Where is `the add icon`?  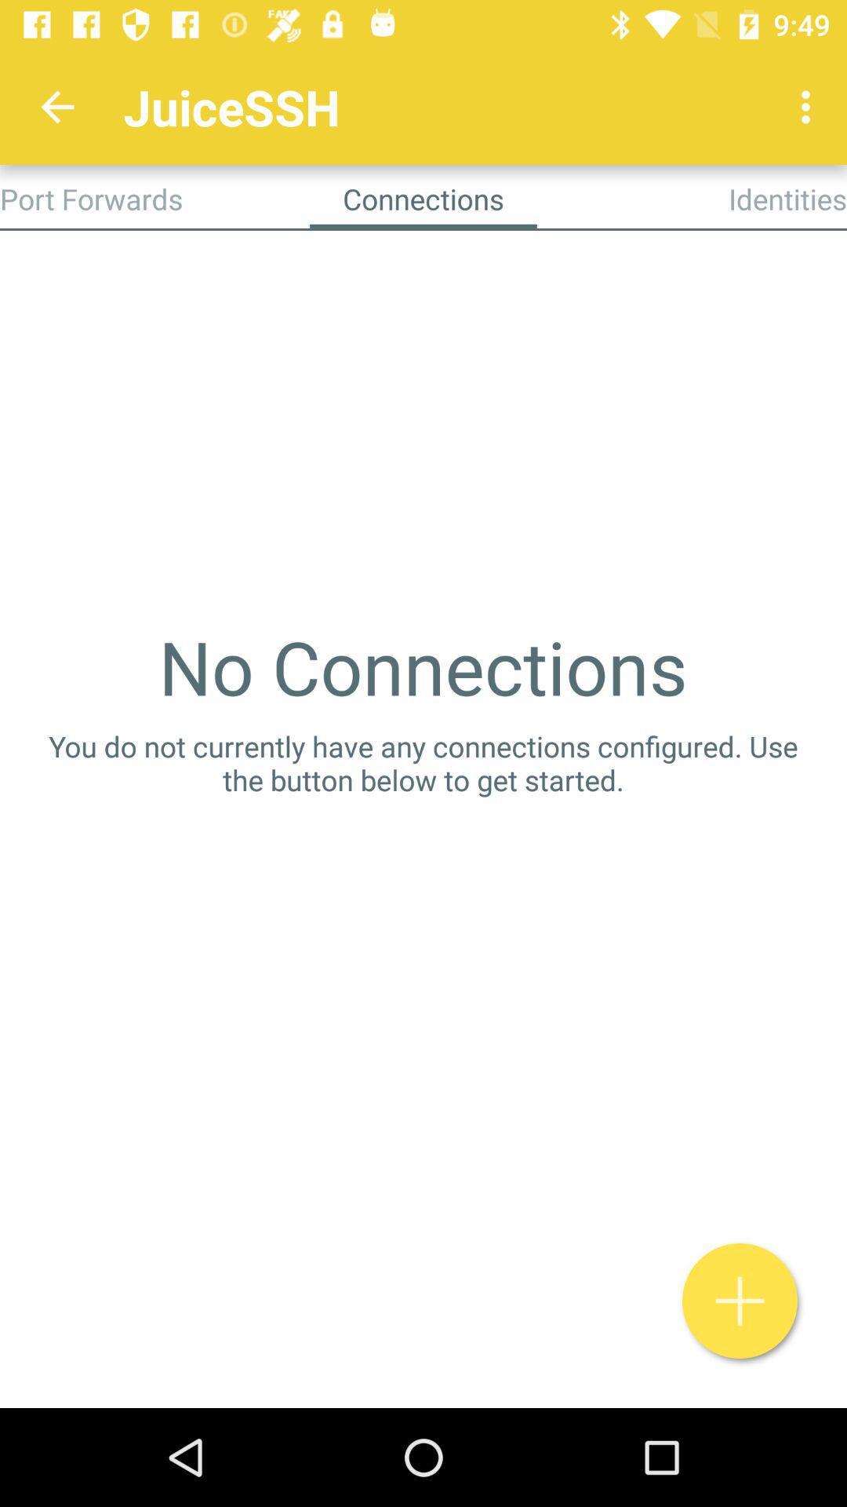
the add icon is located at coordinates (740, 1301).